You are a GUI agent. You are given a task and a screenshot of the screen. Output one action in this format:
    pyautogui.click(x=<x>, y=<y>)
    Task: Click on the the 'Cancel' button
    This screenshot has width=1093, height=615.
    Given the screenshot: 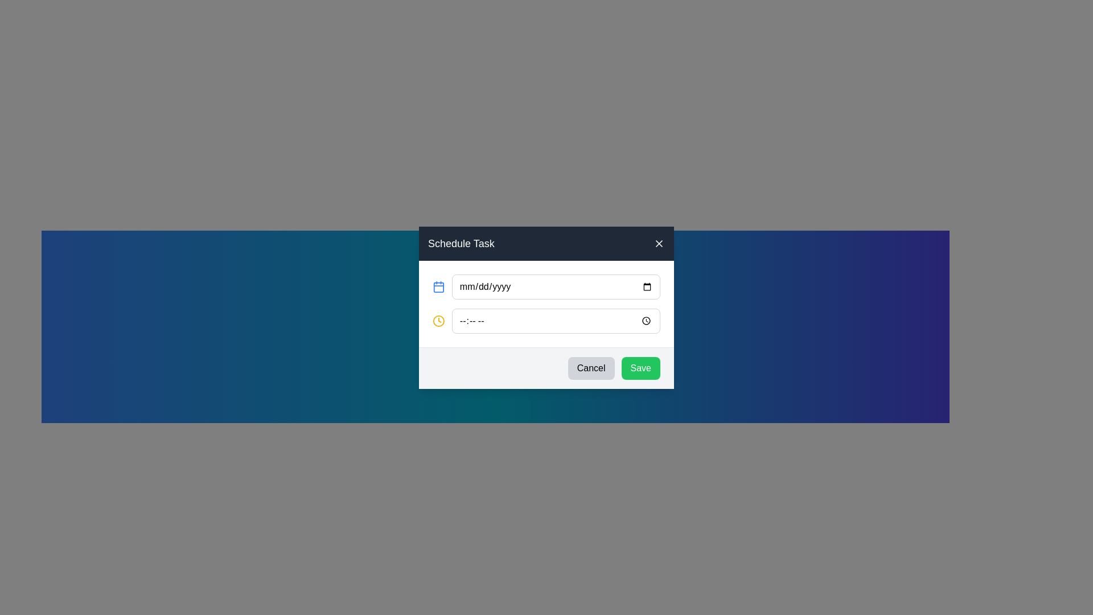 What is the action you would take?
    pyautogui.click(x=591, y=368)
    